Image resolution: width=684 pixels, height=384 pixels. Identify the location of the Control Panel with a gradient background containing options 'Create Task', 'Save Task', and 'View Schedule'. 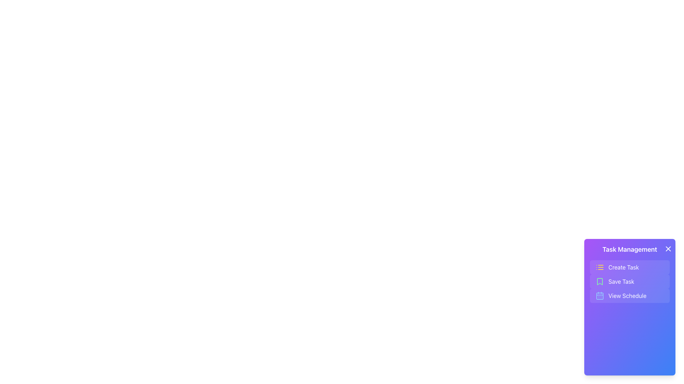
(629, 307).